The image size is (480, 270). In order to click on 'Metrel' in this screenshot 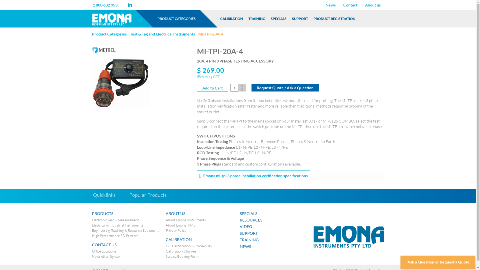, I will do `click(92, 49)`.